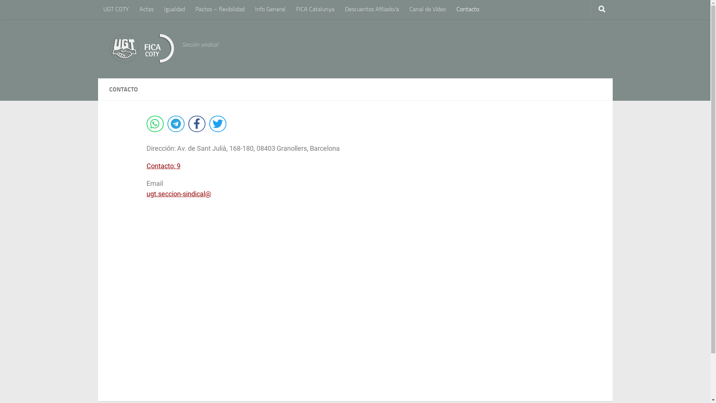 This screenshot has height=403, width=716. I want to click on 'Igualdad', so click(174, 9).